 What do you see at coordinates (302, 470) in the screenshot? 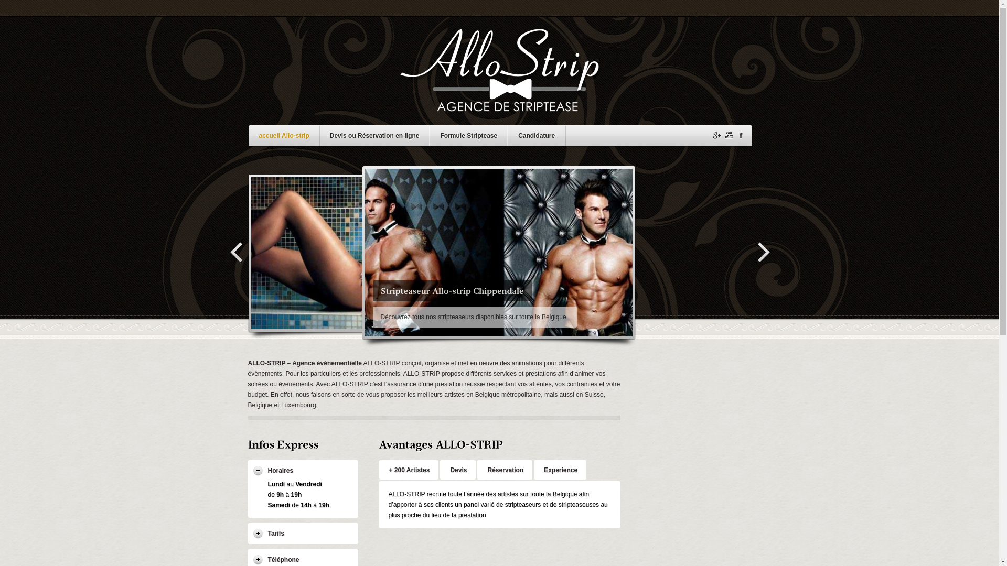
I see `'Horaires'` at bounding box center [302, 470].